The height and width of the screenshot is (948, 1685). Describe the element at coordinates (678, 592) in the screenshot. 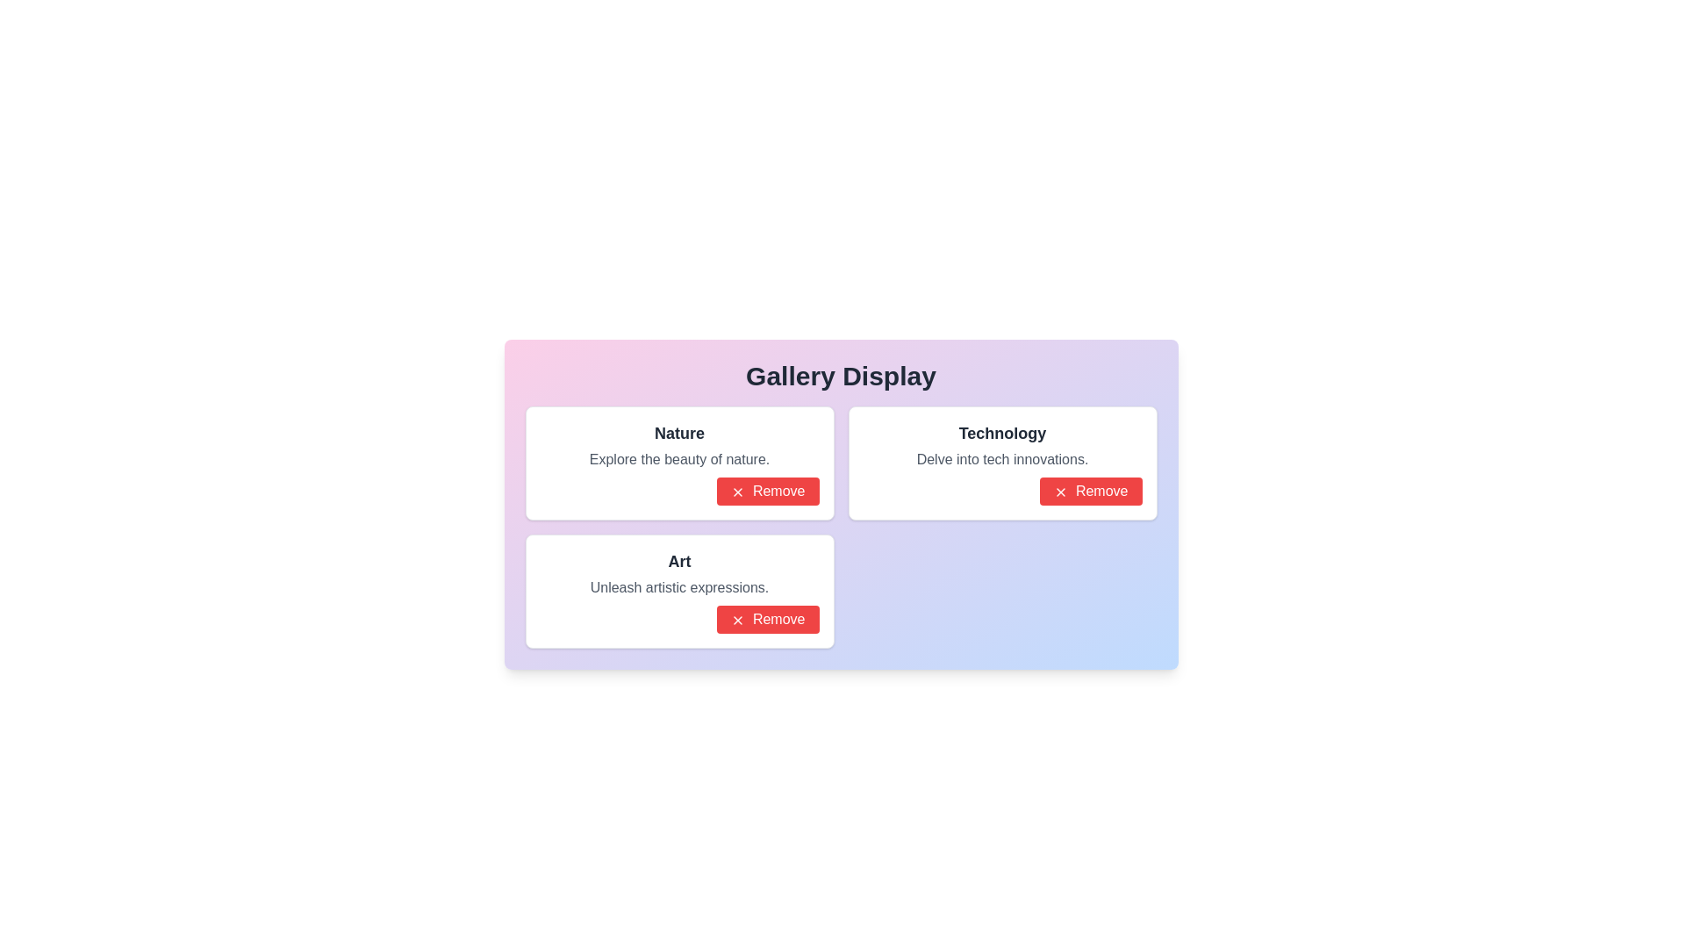

I see `the item card labeled 'Art' to highlight it` at that location.